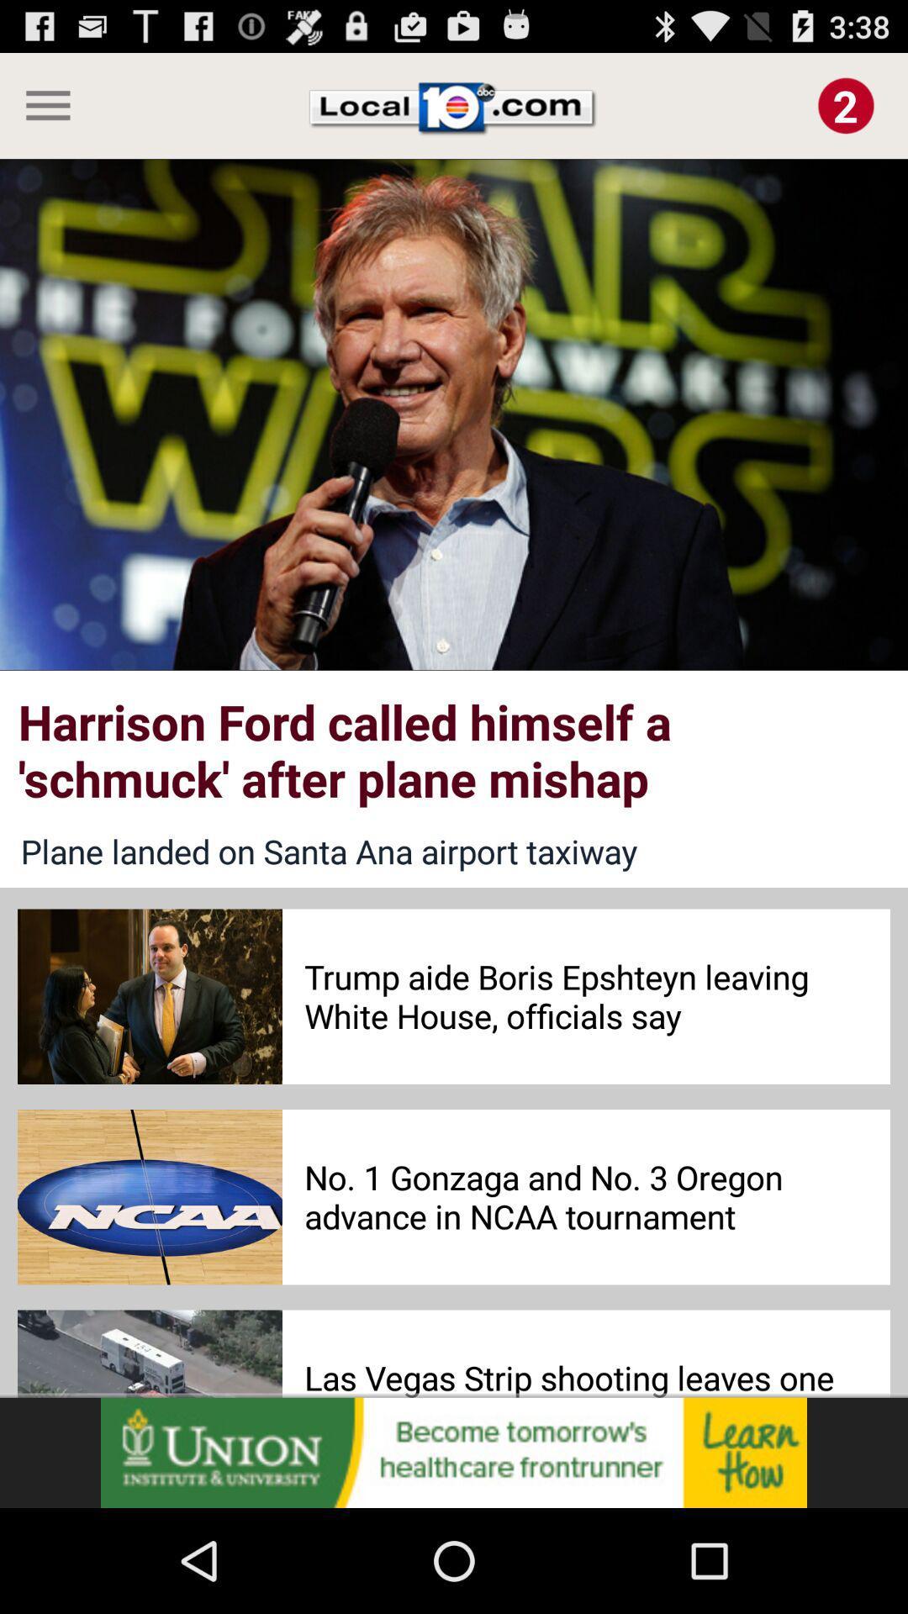 Image resolution: width=908 pixels, height=1614 pixels. I want to click on last image on left side of text las vegas, so click(149, 1354).